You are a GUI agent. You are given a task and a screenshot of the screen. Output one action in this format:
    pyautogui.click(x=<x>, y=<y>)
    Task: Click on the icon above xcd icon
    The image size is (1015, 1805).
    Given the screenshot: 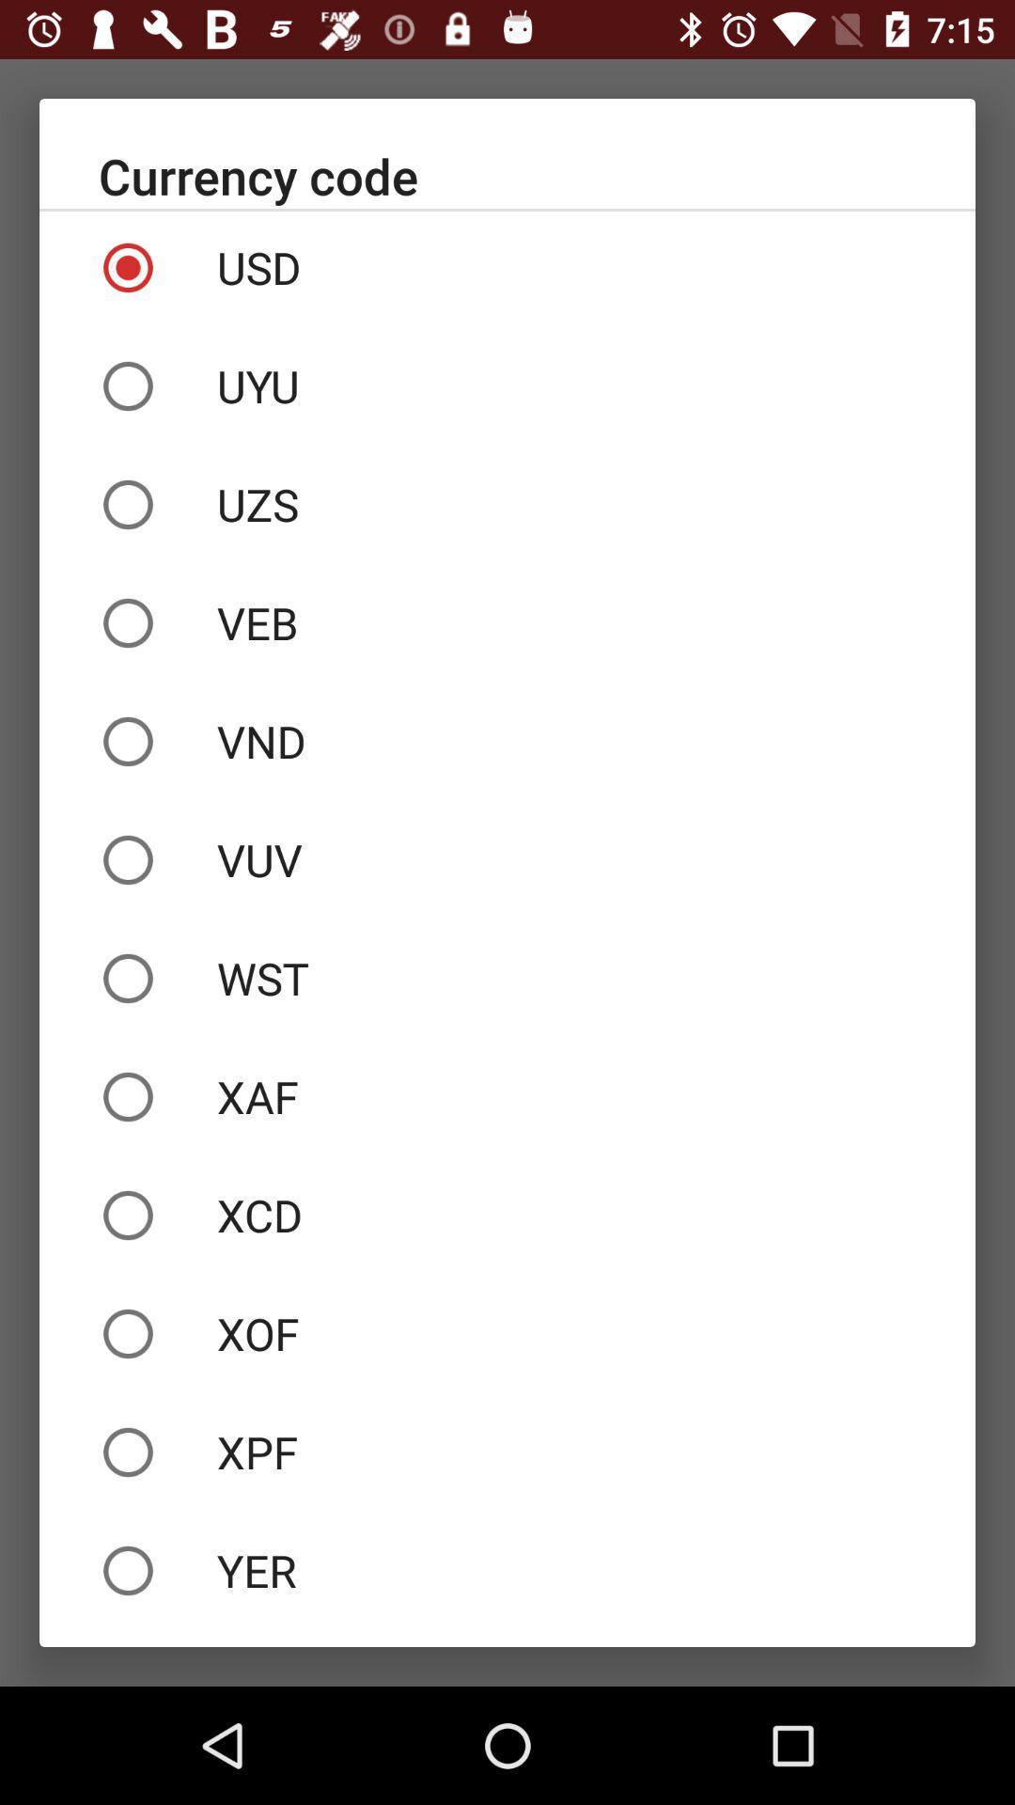 What is the action you would take?
    pyautogui.click(x=507, y=1096)
    